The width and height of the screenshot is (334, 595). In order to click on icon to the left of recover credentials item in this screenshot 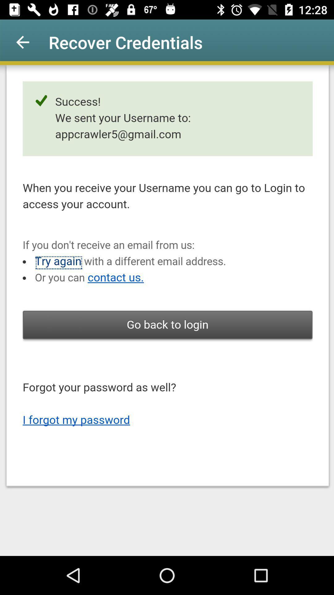, I will do `click(22, 42)`.